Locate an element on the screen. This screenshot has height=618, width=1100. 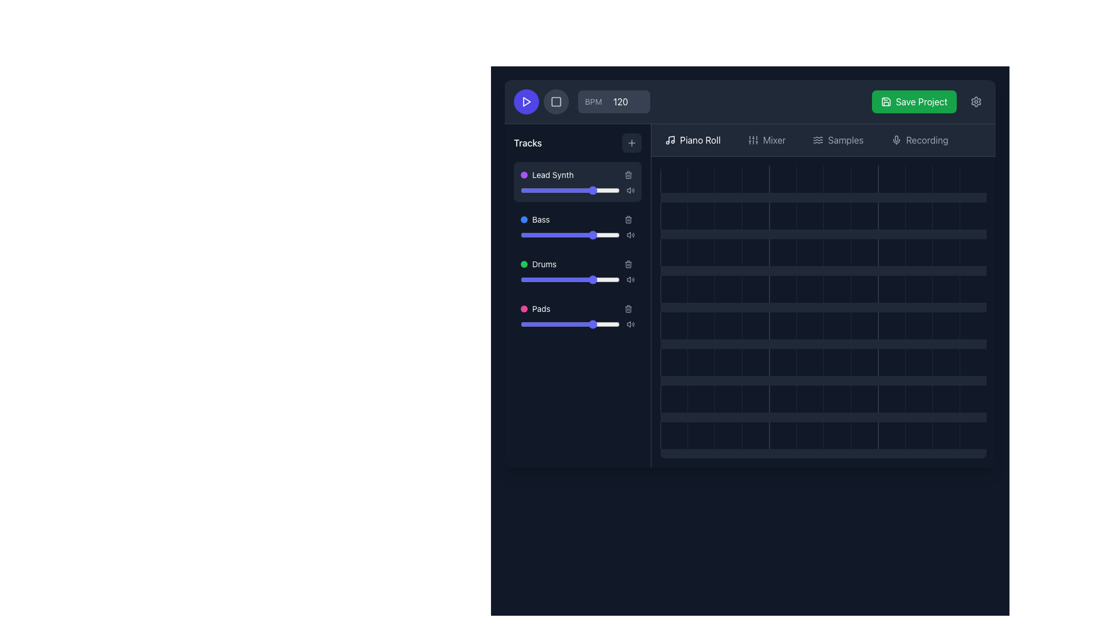
the interactive grid cell located in the last row and the second column from the left is located at coordinates (700, 435).